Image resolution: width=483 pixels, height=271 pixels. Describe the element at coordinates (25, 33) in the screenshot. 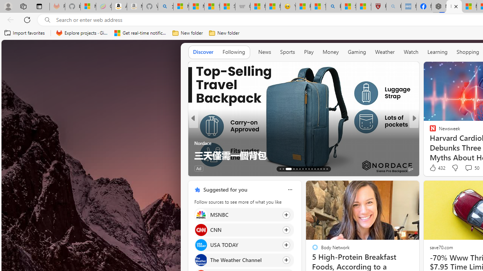

I see `'Import favorites'` at that location.